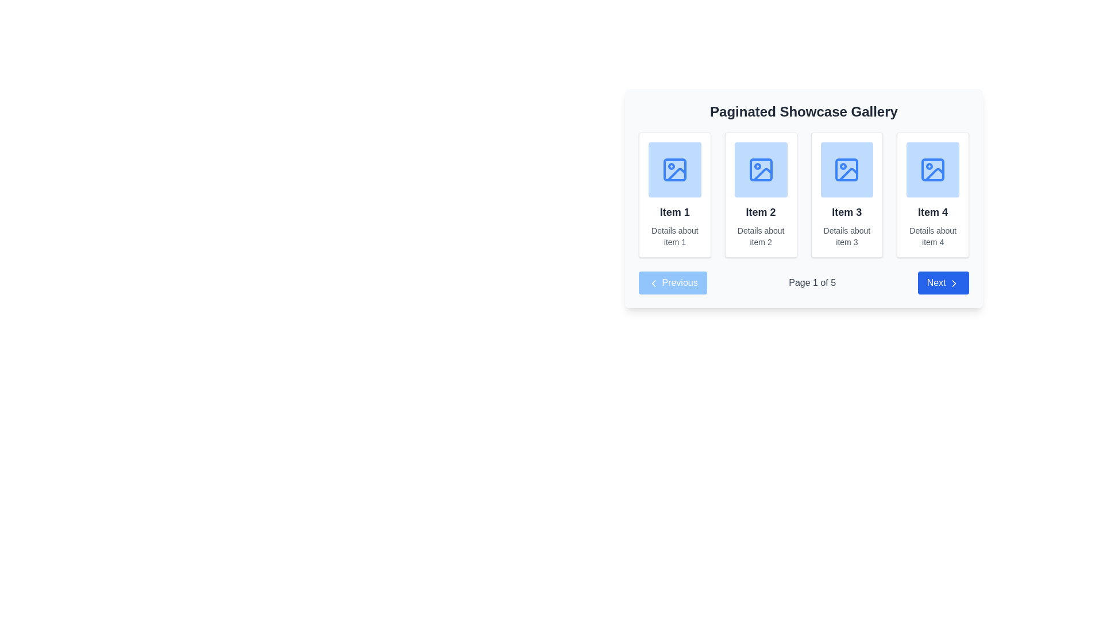  Describe the element at coordinates (674, 212) in the screenshot. I see `properties of the title text element located horizontally centered within the first card in a grid, which is positioned below an image icon and above descriptive text, to determine if it is static` at that location.